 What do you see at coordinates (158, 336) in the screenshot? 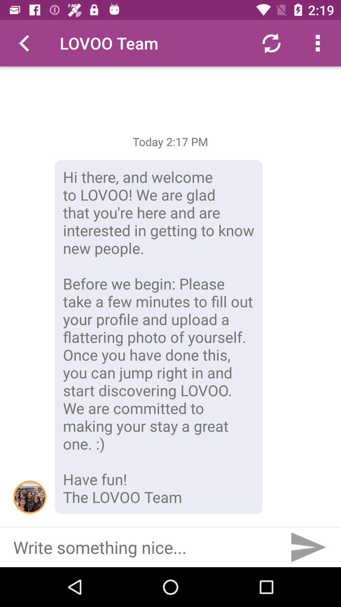
I see `hi there and icon` at bounding box center [158, 336].